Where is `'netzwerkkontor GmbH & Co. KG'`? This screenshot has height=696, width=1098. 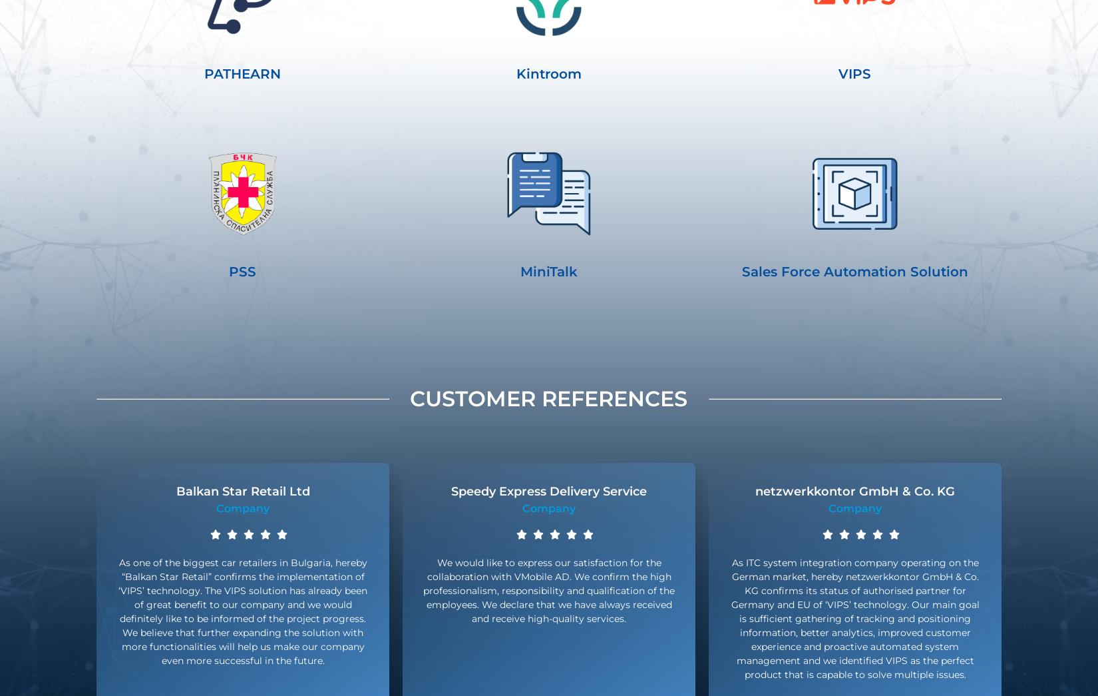 'netzwerkkontor GmbH & Co. KG' is located at coordinates (854, 490).